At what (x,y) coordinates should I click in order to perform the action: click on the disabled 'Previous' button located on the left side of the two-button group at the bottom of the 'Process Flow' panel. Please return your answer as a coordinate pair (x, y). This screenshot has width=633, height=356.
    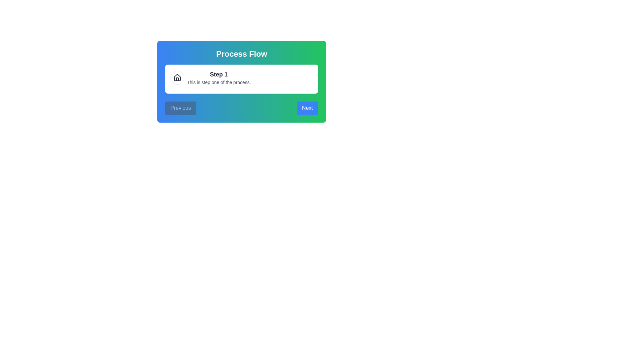
    Looking at the image, I should click on (181, 107).